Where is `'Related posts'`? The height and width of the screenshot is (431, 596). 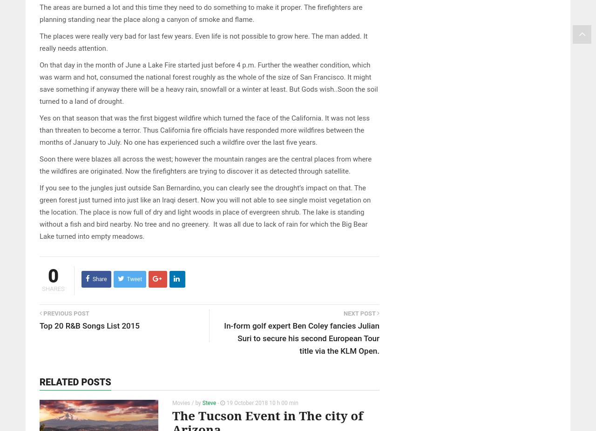
'Related posts' is located at coordinates (75, 381).